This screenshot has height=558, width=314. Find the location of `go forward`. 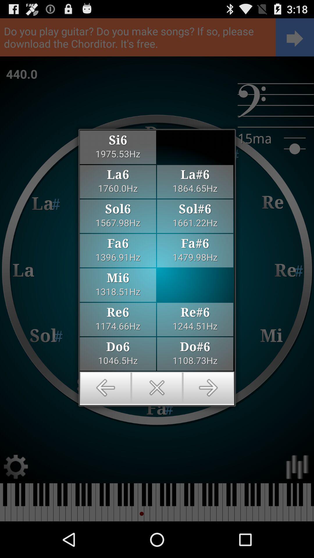

go forward is located at coordinates (208, 388).